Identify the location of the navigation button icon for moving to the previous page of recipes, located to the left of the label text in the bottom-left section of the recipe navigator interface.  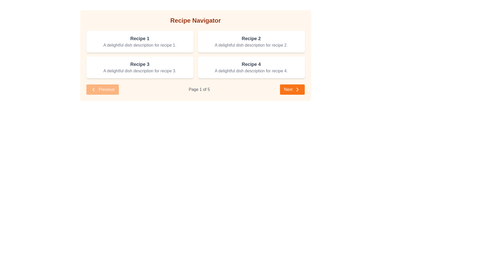
(93, 89).